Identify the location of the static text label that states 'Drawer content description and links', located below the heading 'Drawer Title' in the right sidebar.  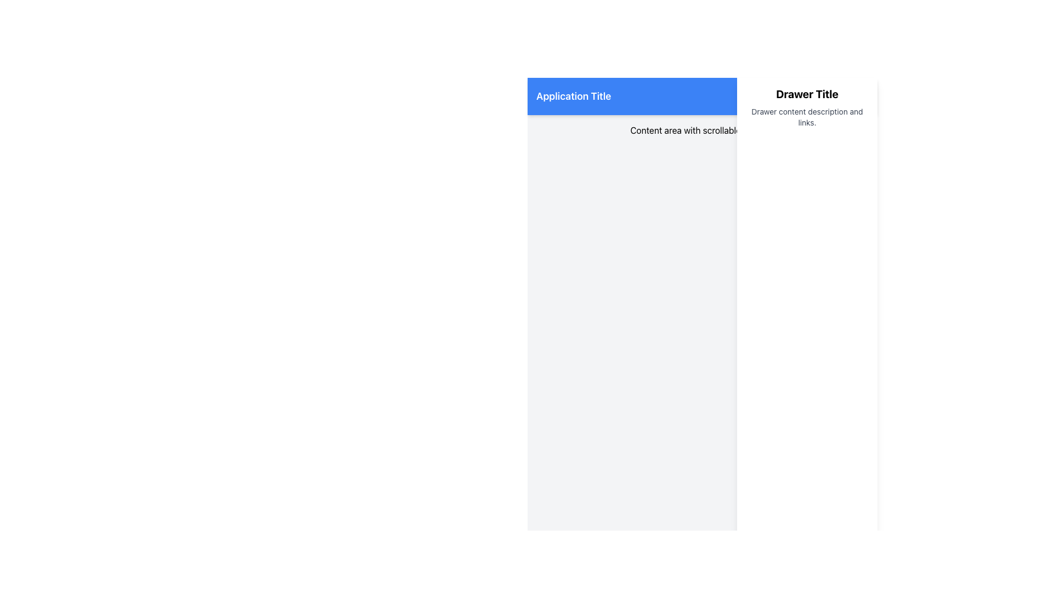
(807, 117).